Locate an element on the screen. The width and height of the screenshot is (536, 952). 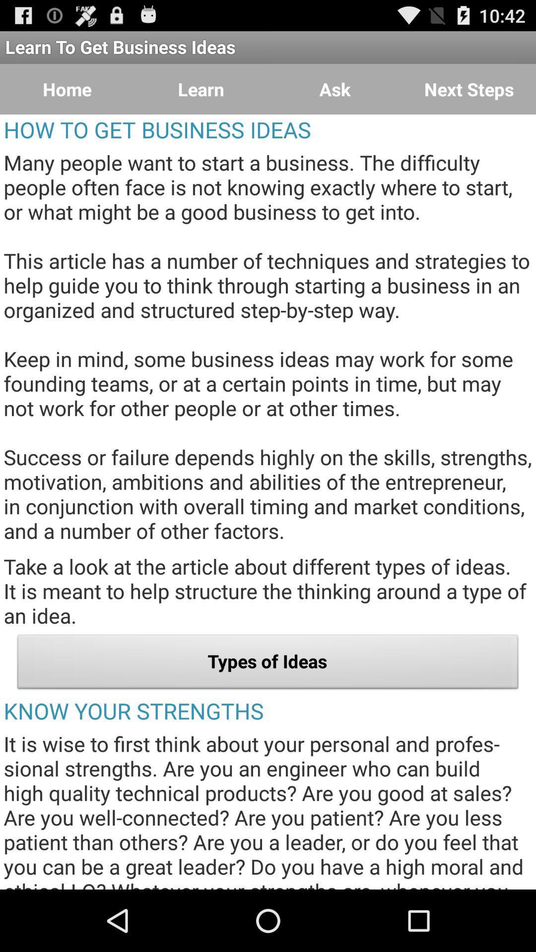
item next to ask is located at coordinates (469, 89).